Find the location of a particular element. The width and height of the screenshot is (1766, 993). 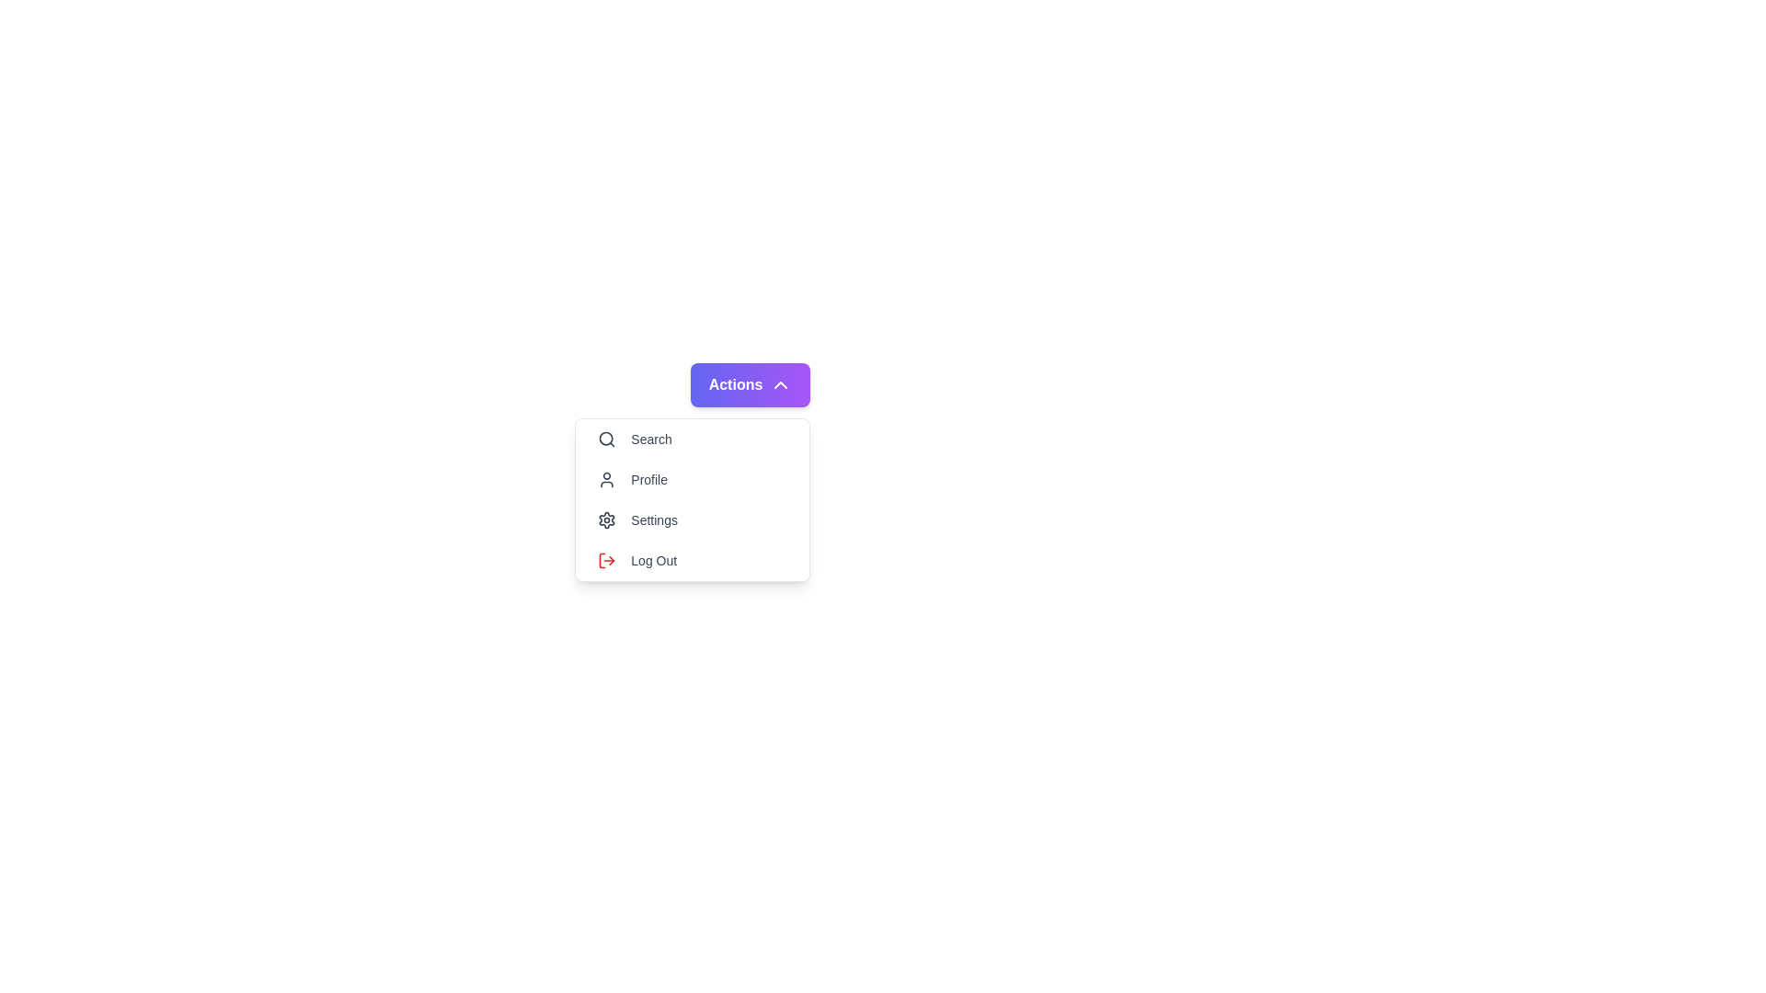

the 'Actions' menu item is located at coordinates (607, 478).